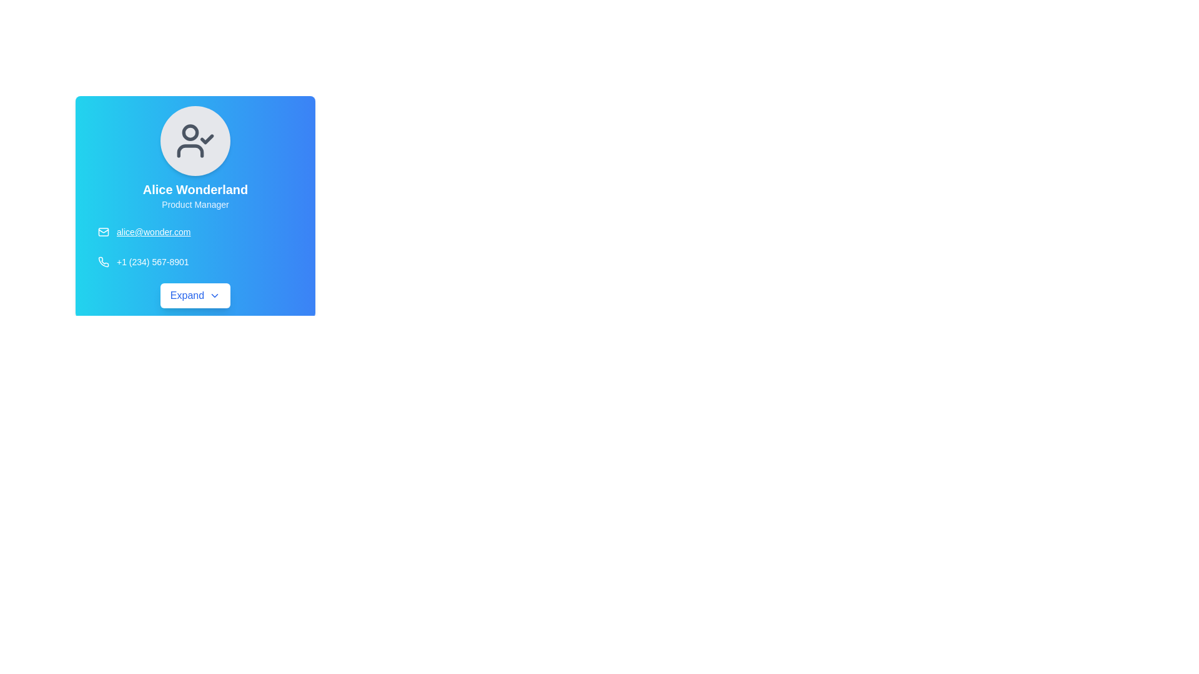  What do you see at coordinates (194, 296) in the screenshot?
I see `the expandable button located at the bottom of the card displaying 'Alice Wonderland', which reveals additional content related to the card` at bounding box center [194, 296].